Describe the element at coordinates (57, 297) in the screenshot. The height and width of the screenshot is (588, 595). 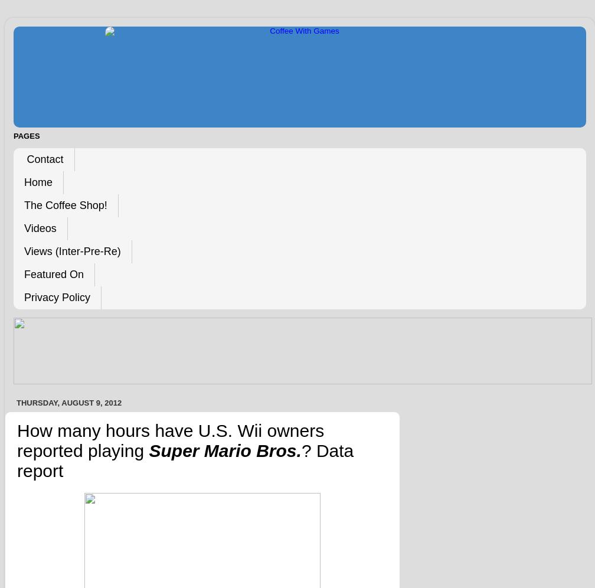
I see `'Privacy Policy'` at that location.